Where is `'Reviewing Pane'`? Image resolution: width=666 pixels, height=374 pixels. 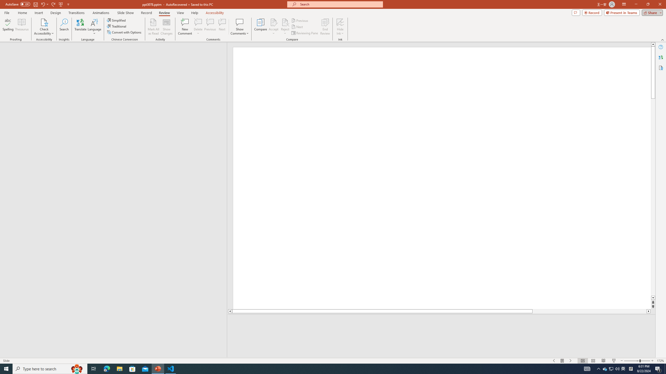 'Reviewing Pane' is located at coordinates (305, 33).